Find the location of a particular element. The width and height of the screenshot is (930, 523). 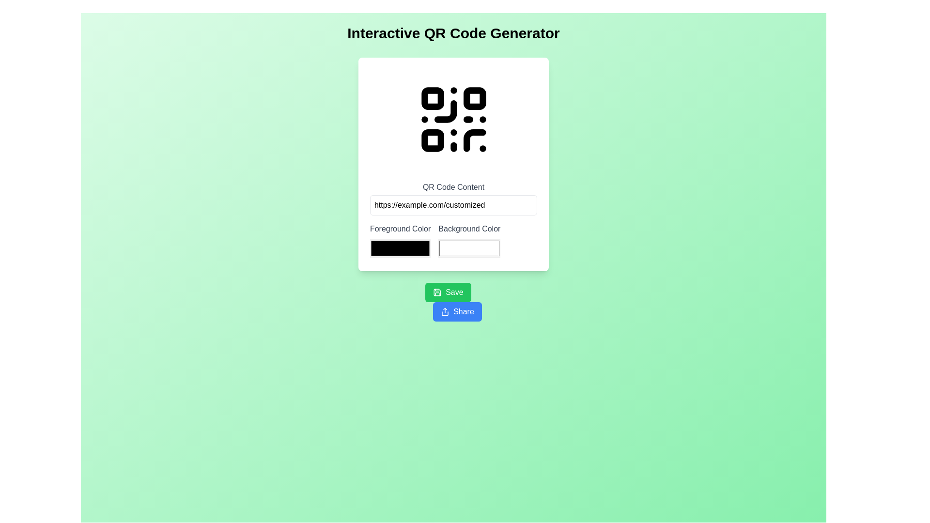

the QR code display element, which is centrally located within the white-panel UI section, above the text input field labeled 'QR Code Content' is located at coordinates (453, 119).